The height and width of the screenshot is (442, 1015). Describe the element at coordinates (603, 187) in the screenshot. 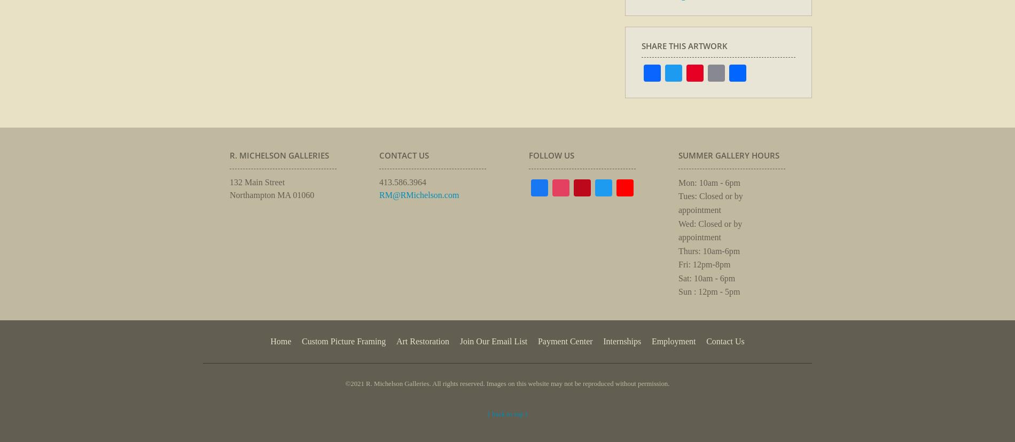

I see `'Instagram'` at that location.